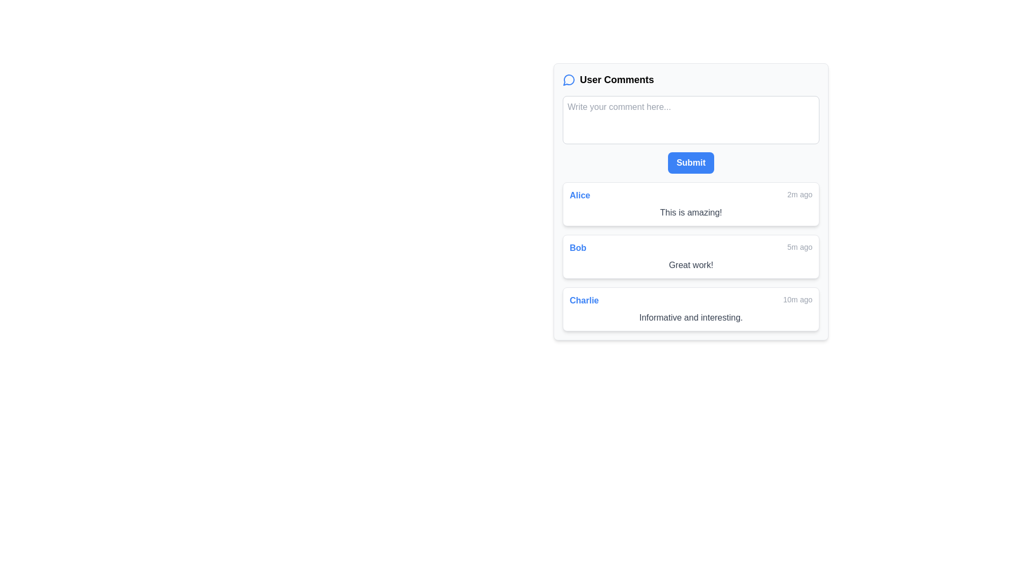 Image resolution: width=1031 pixels, height=579 pixels. What do you see at coordinates (577, 248) in the screenshot?
I see `the bold blue text label displaying the name 'Bob', which is positioned to the left of the time label '5m ago' at the top of a comment entry` at bounding box center [577, 248].